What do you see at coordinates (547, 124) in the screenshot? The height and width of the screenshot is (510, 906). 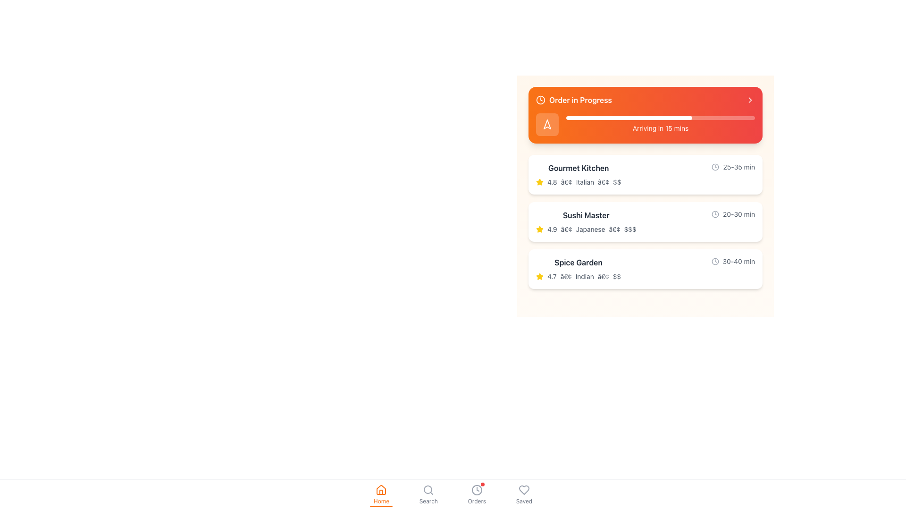 I see `the icon located in the top-right corner of the interface, within an orange rectangular section, preceding the text 'Order in Progress'` at bounding box center [547, 124].